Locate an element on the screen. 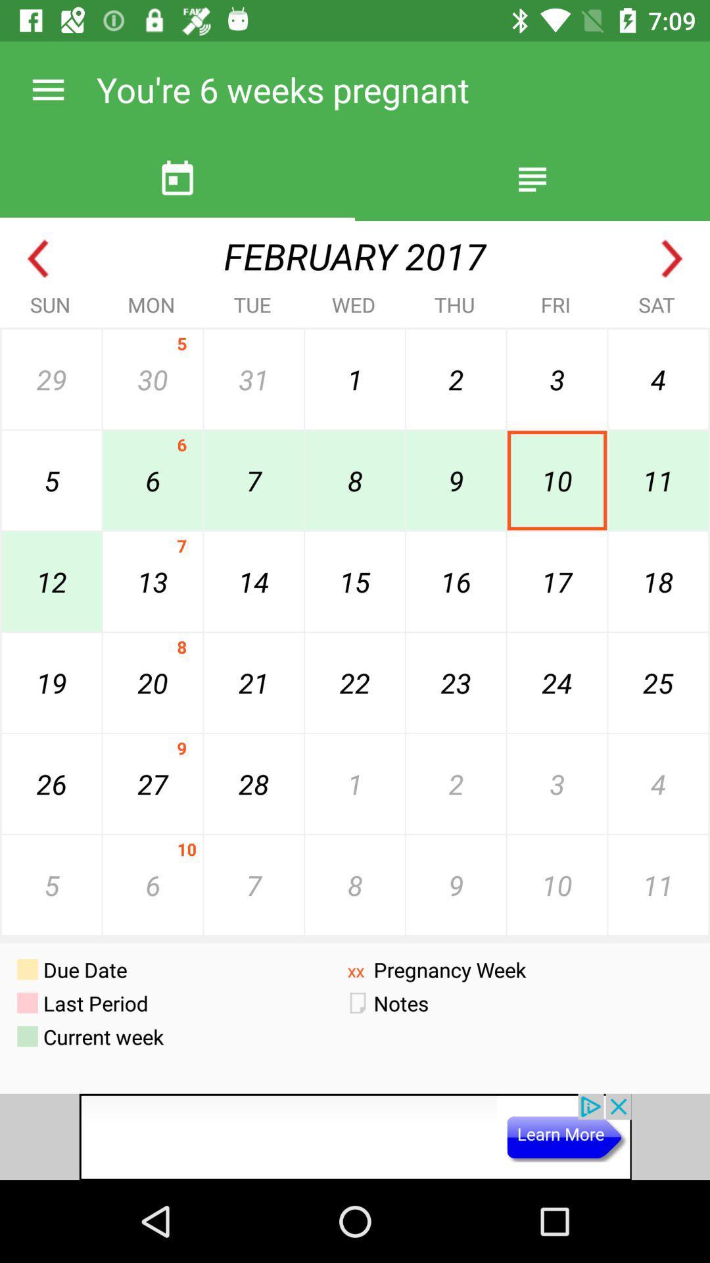  next month is located at coordinates (672, 259).